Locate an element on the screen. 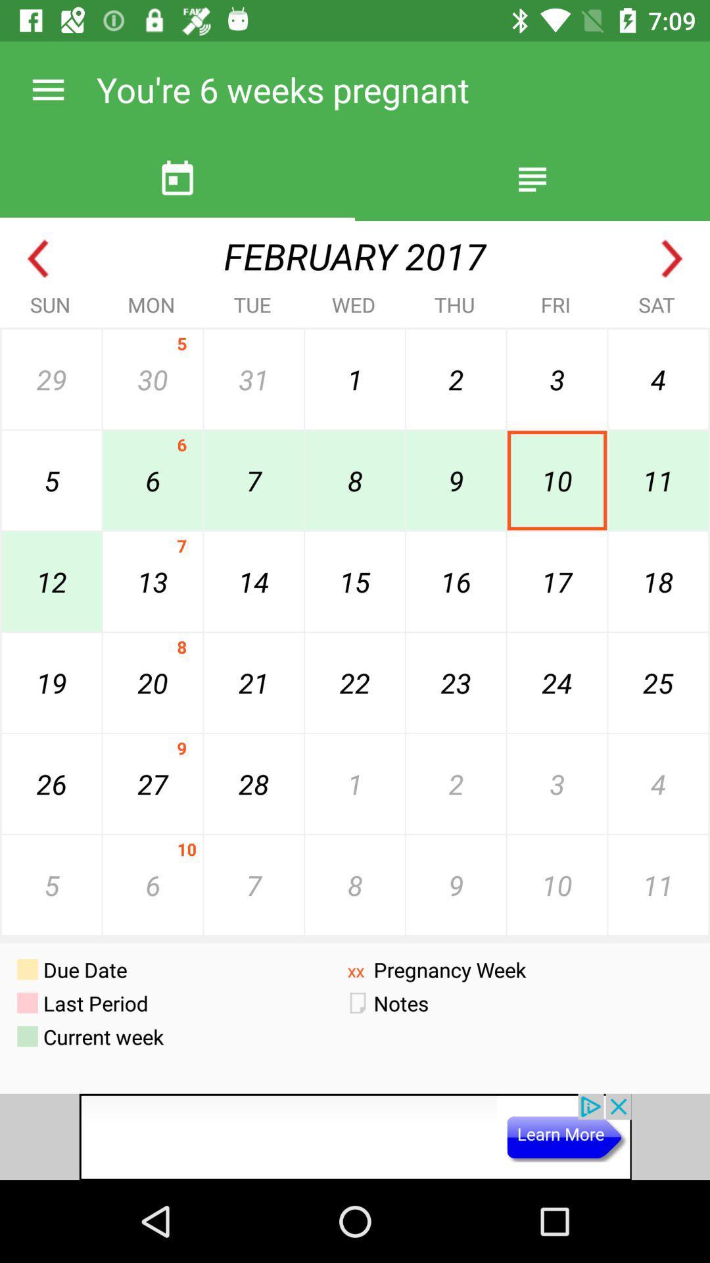  next month is located at coordinates (672, 259).